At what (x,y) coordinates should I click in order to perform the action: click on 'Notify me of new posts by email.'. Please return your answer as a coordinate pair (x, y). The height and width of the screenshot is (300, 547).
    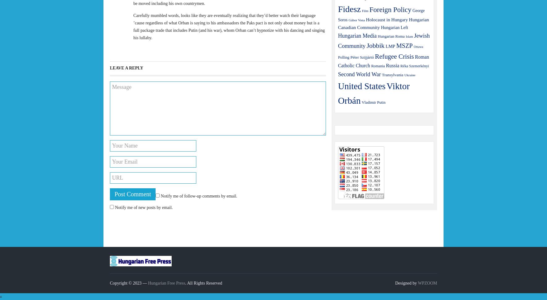
    Looking at the image, I should click on (143, 207).